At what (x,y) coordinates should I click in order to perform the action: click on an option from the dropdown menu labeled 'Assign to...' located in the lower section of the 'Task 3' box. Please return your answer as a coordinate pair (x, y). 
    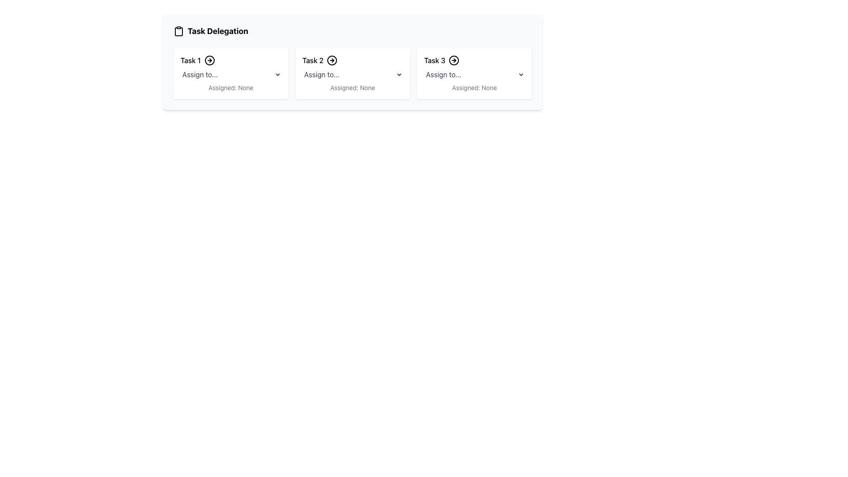
    Looking at the image, I should click on (474, 74).